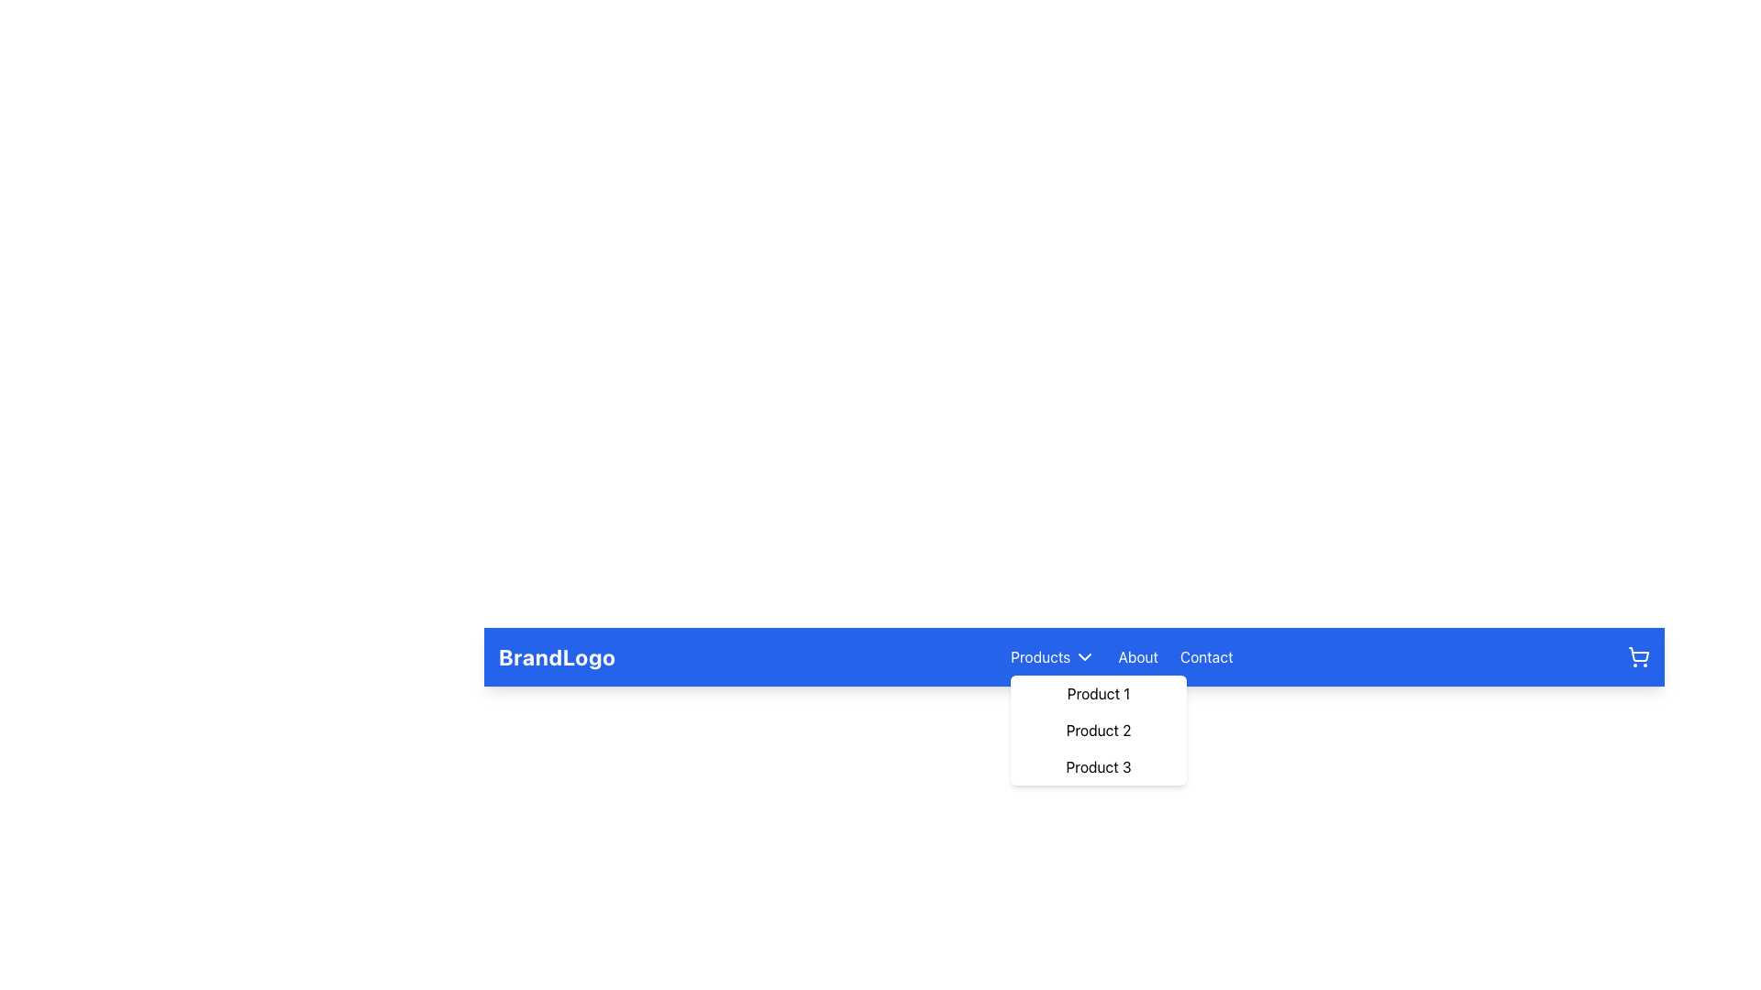 This screenshot has height=990, width=1761. Describe the element at coordinates (1085, 656) in the screenshot. I see `the visual cue icon located immediately to the right of the 'Products' text in the top navigation bar` at that location.